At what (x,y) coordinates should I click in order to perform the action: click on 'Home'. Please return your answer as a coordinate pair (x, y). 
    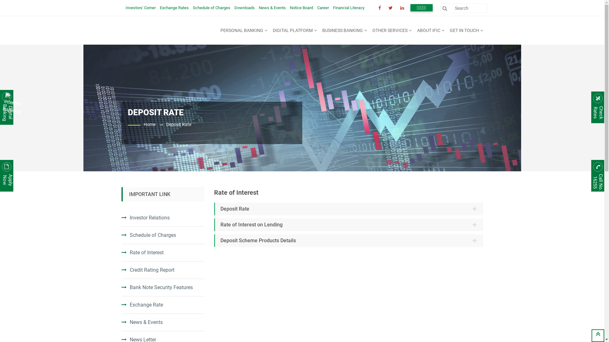
    Looking at the image, I should click on (149, 124).